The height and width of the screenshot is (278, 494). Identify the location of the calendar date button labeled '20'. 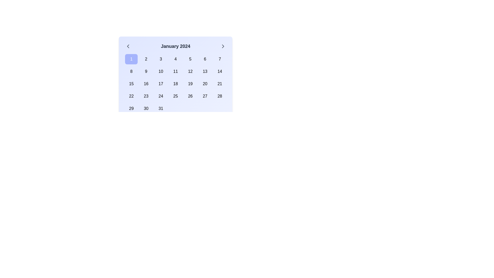
(205, 84).